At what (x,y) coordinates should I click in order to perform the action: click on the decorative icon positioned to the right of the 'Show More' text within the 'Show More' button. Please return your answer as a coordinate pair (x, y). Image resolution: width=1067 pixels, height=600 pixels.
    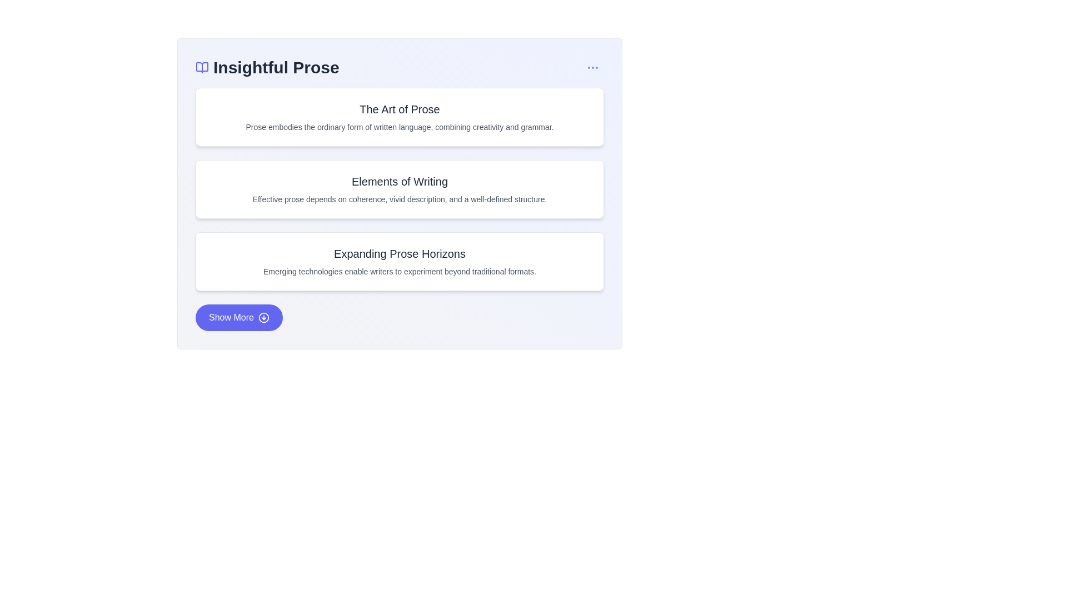
    Looking at the image, I should click on (263, 317).